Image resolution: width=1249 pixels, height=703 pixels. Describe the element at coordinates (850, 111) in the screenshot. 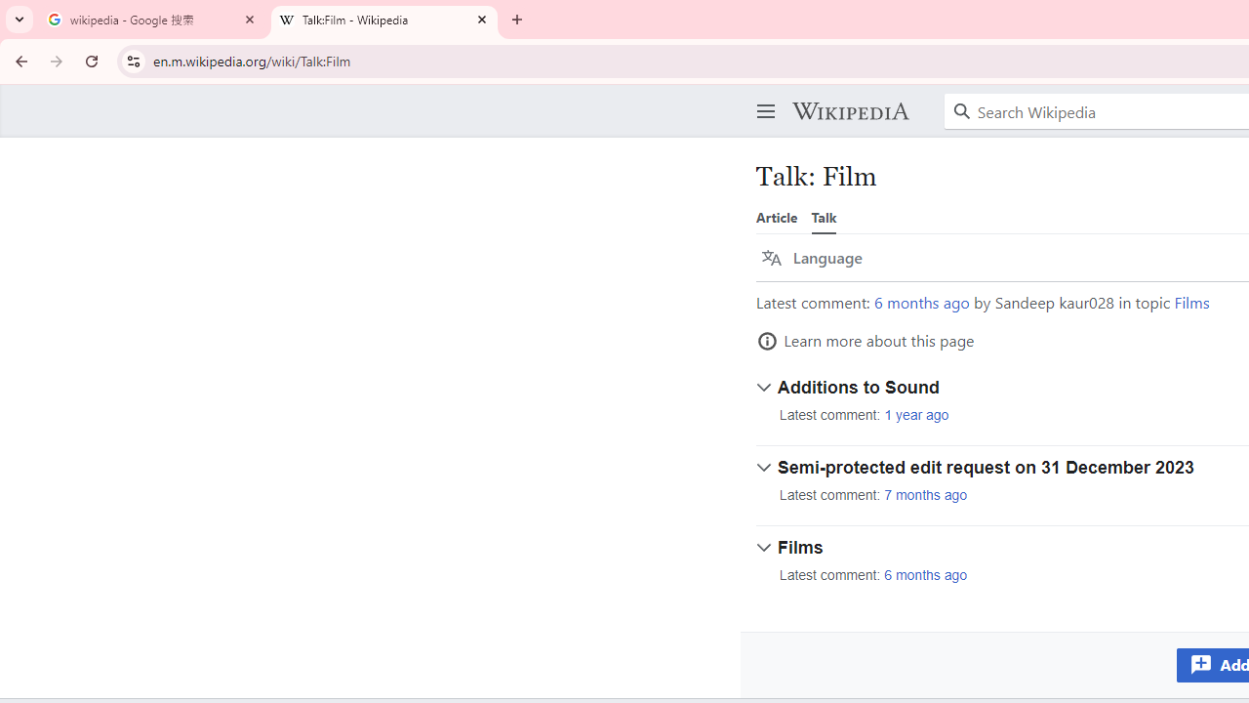

I see `'Wikipedia'` at that location.